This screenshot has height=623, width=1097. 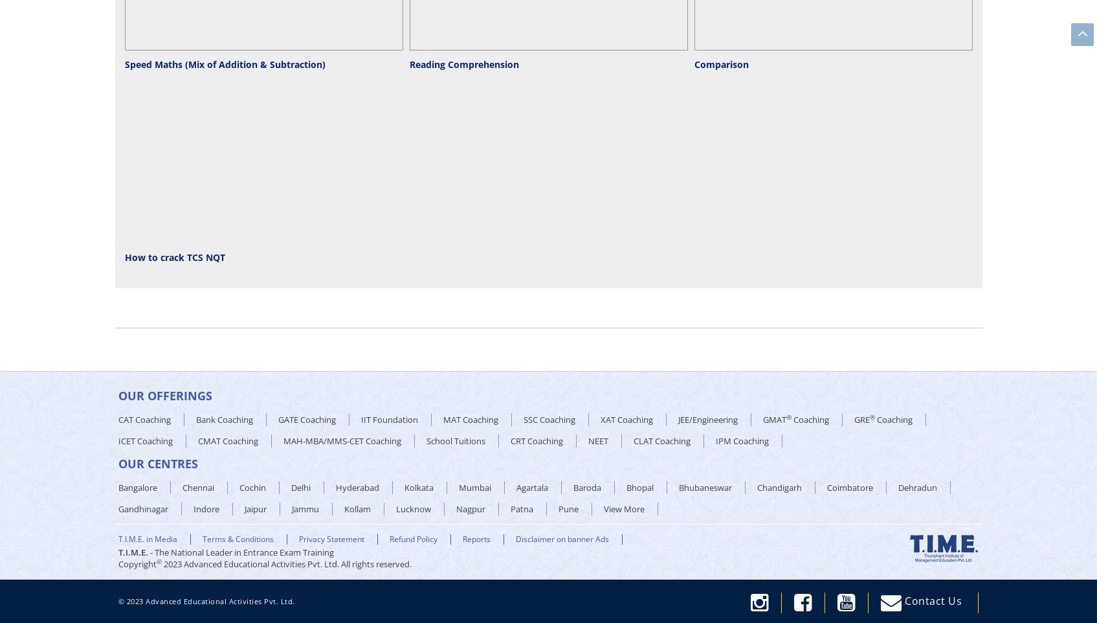 I want to click on 'IPM Coaching', so click(x=740, y=440).